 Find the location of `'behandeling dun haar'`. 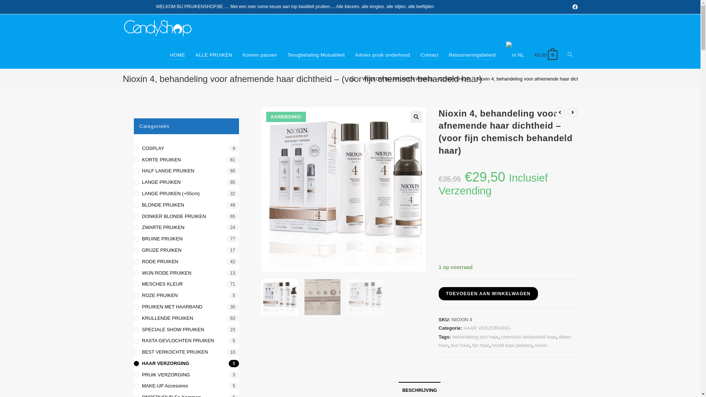

'behandeling dun haar' is located at coordinates (452, 337).